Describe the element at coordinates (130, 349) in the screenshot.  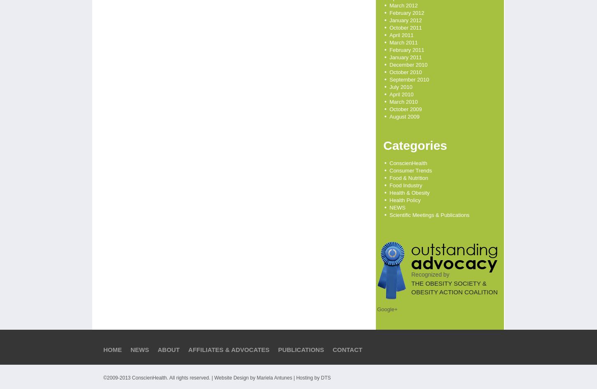
I see `'News'` at that location.